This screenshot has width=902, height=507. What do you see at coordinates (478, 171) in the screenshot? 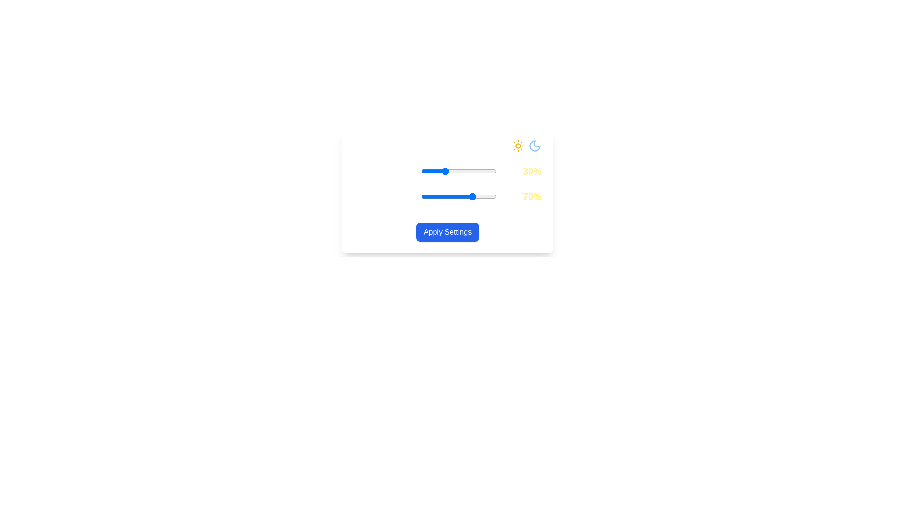
I see `the Daylight Intensity slider to 75%` at bounding box center [478, 171].